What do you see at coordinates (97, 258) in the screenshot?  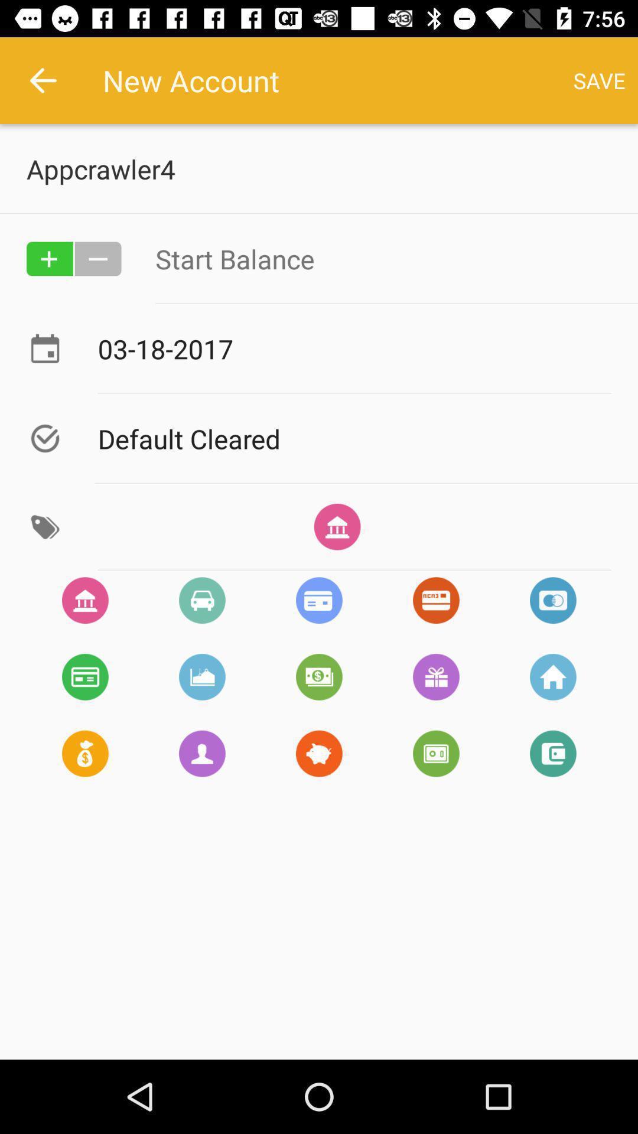 I see `the minus icon` at bounding box center [97, 258].